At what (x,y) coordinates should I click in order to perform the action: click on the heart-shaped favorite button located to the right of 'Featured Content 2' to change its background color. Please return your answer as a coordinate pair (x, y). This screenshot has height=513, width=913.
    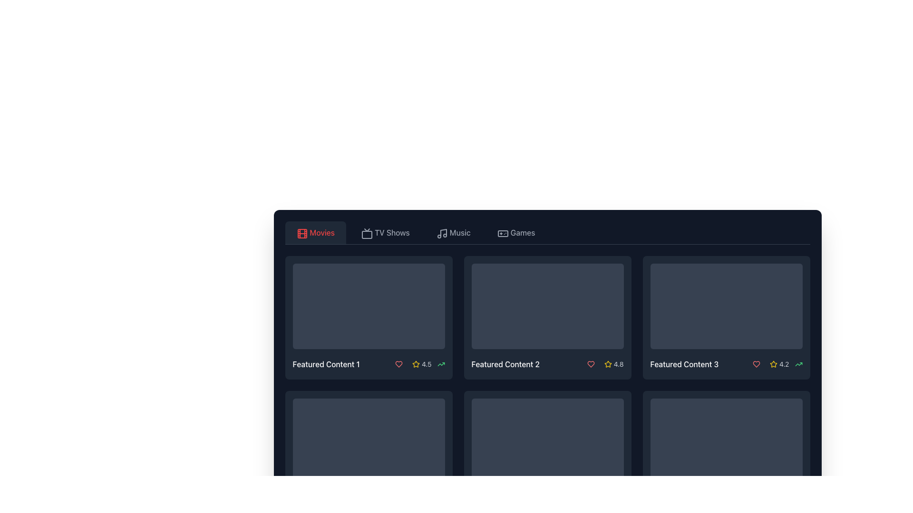
    Looking at the image, I should click on (590, 364).